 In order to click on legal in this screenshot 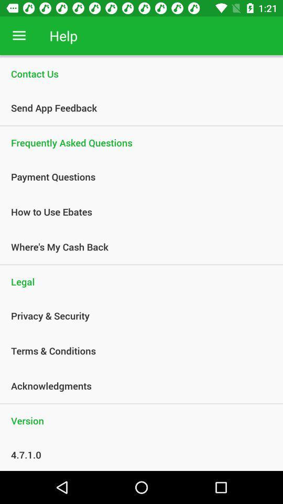, I will do `click(141, 281)`.